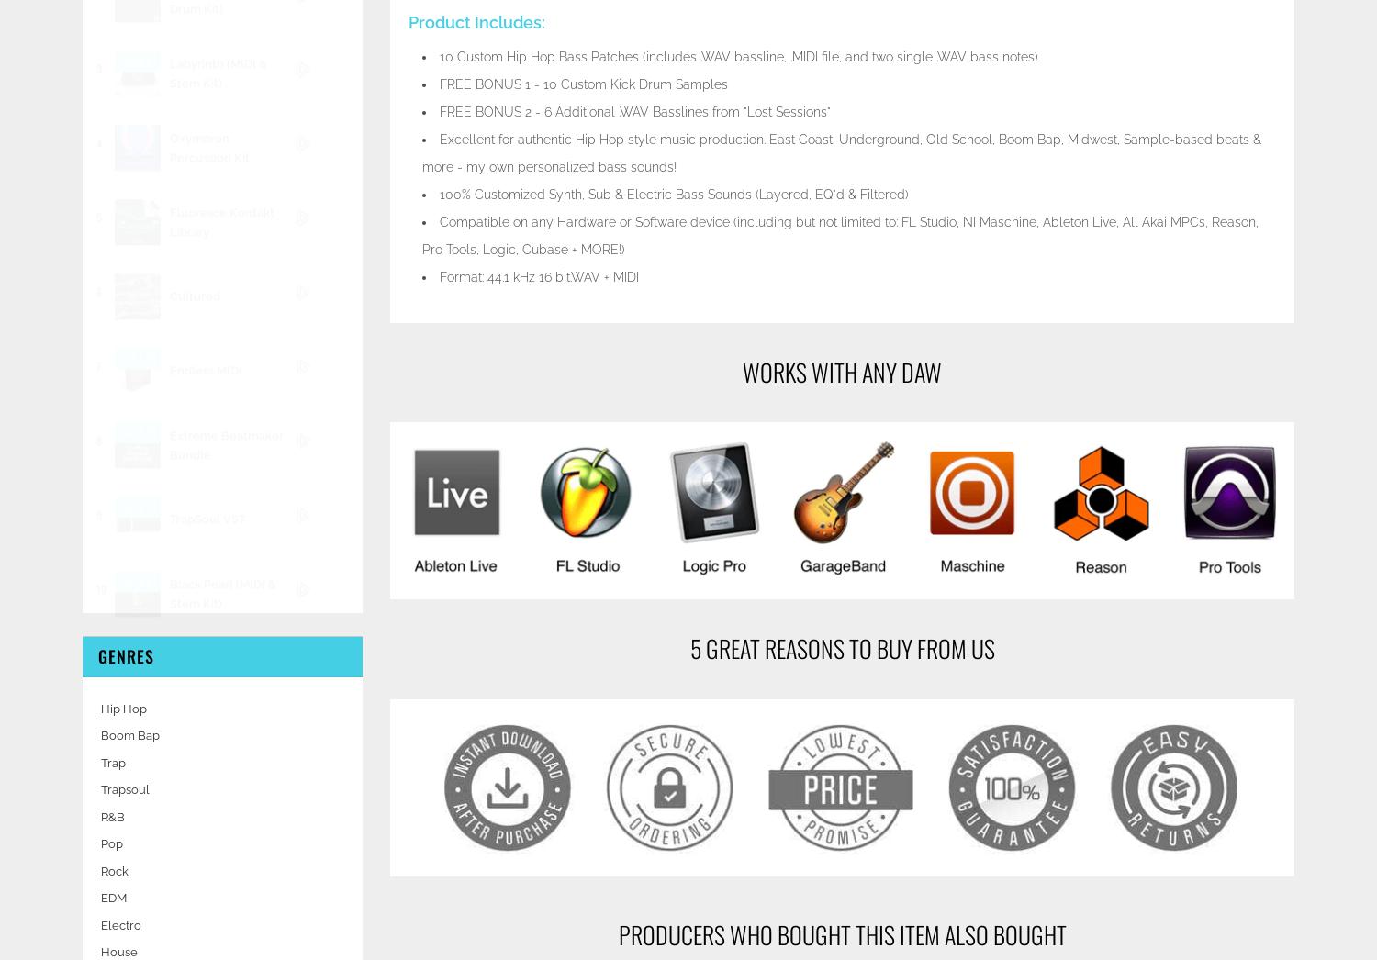  What do you see at coordinates (633, 110) in the screenshot?
I see `'FREE BONUS 2 - 6 Additional .WAV Basslines from "Lost Sessions"'` at bounding box center [633, 110].